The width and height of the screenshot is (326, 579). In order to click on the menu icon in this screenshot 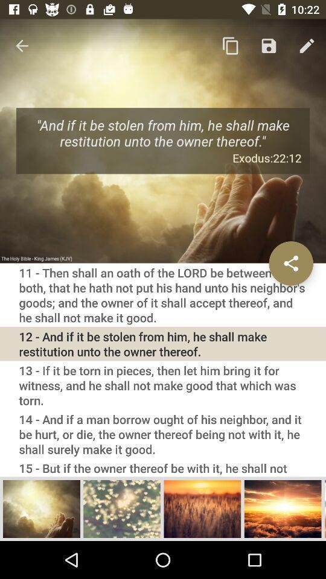, I will do `click(325, 508)`.